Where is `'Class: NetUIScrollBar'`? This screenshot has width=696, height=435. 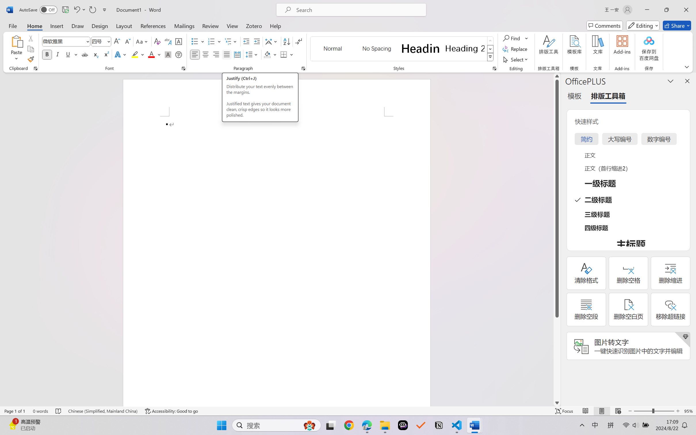
'Class: NetUIScrollBar' is located at coordinates (557, 239).